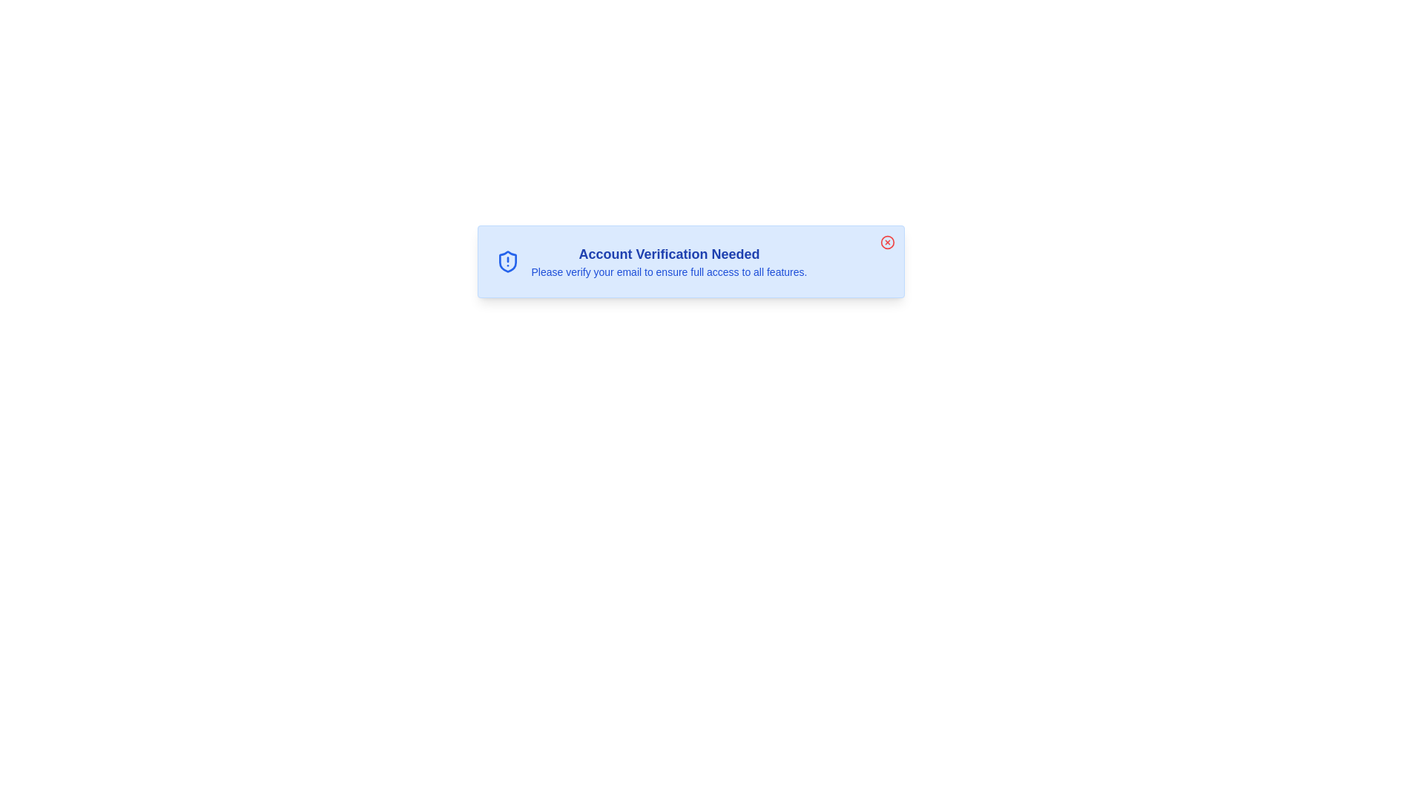  What do you see at coordinates (507, 261) in the screenshot?
I see `the visual warning indicator icon located near the top-left corner of the notification banner, which alerts the user to account verification requirements` at bounding box center [507, 261].